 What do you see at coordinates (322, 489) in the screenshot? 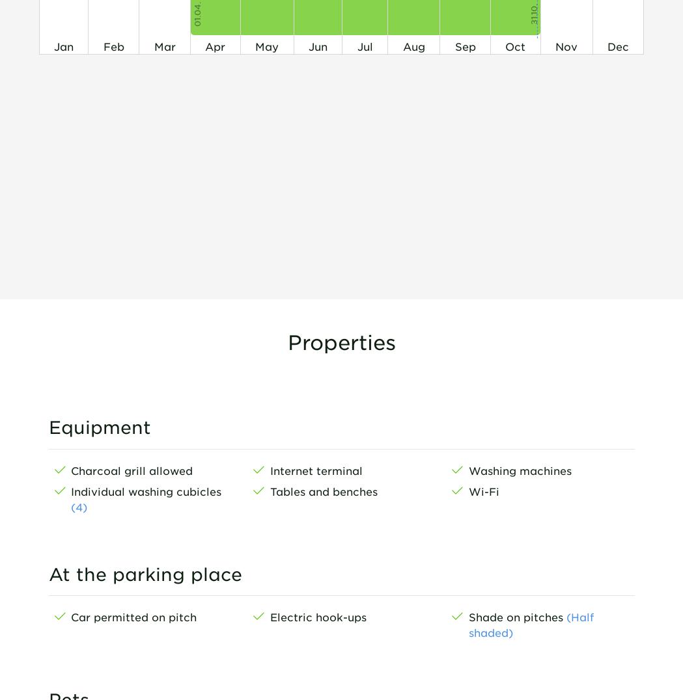
I see `'Tables and benches'` at bounding box center [322, 489].